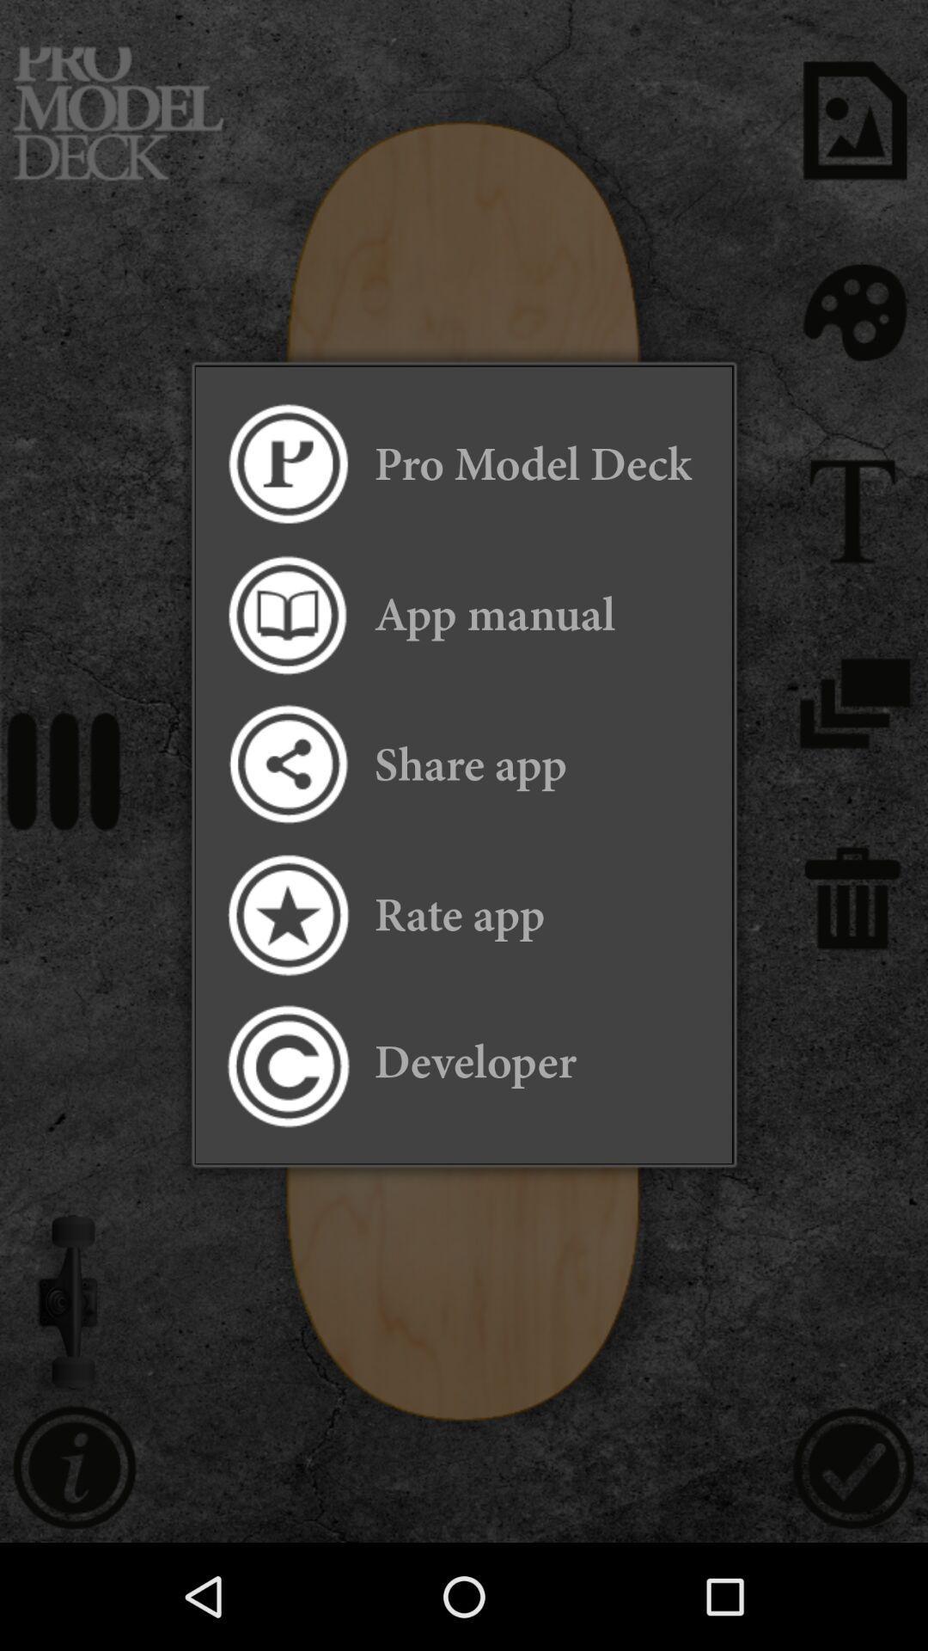  Describe the element at coordinates (286, 1065) in the screenshot. I see `item to the left of the developer item` at that location.